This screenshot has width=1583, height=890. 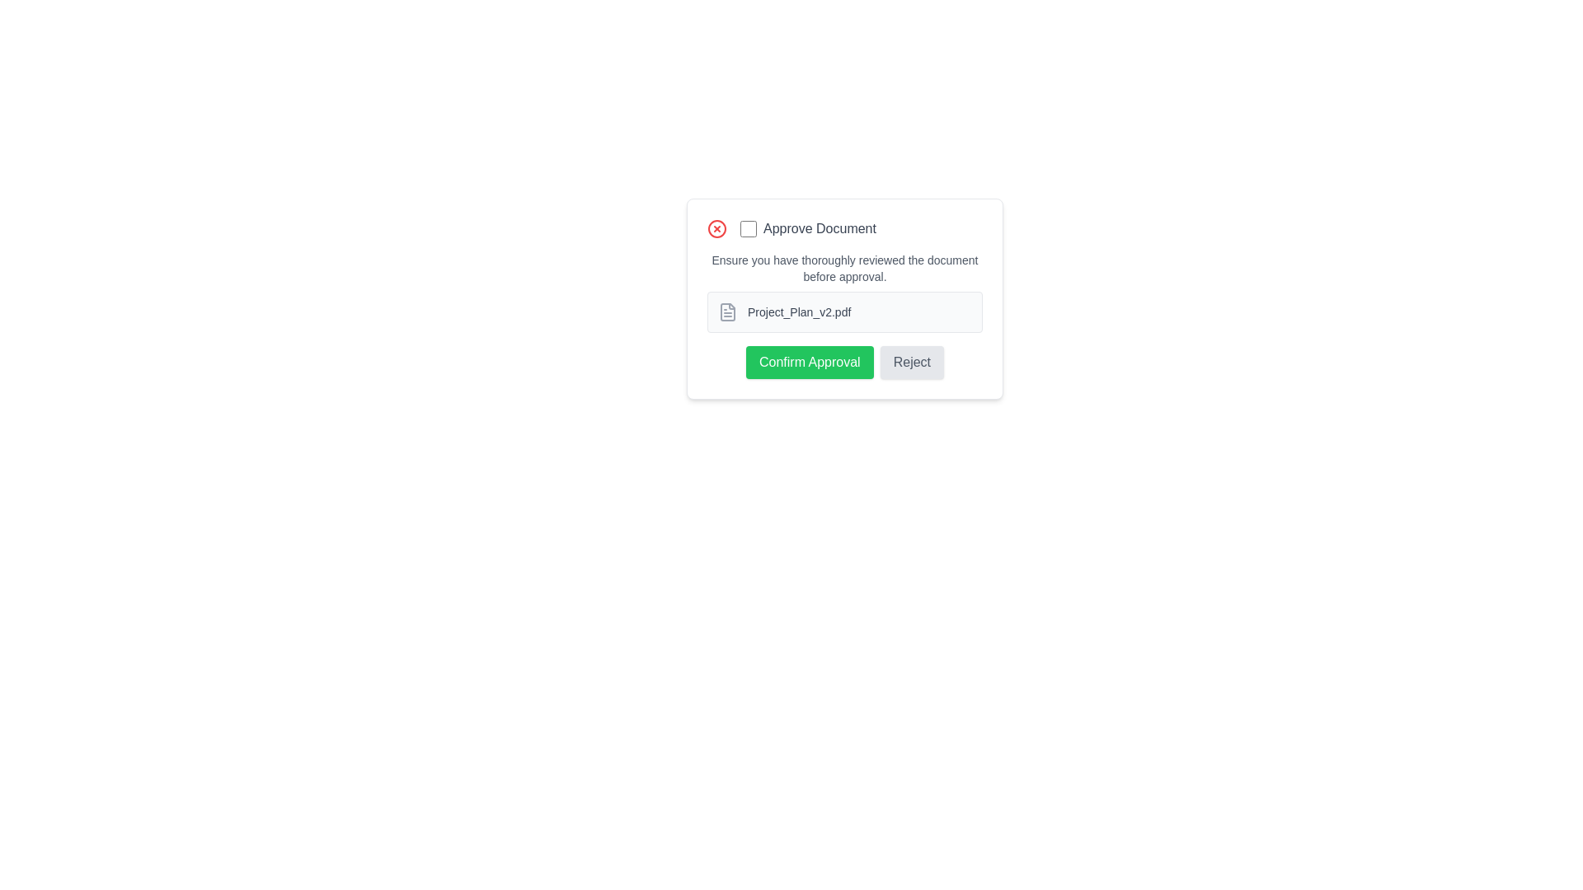 What do you see at coordinates (747, 228) in the screenshot?
I see `the square checkbox with a blue outline located to the left of the 'Approve Document' text label` at bounding box center [747, 228].